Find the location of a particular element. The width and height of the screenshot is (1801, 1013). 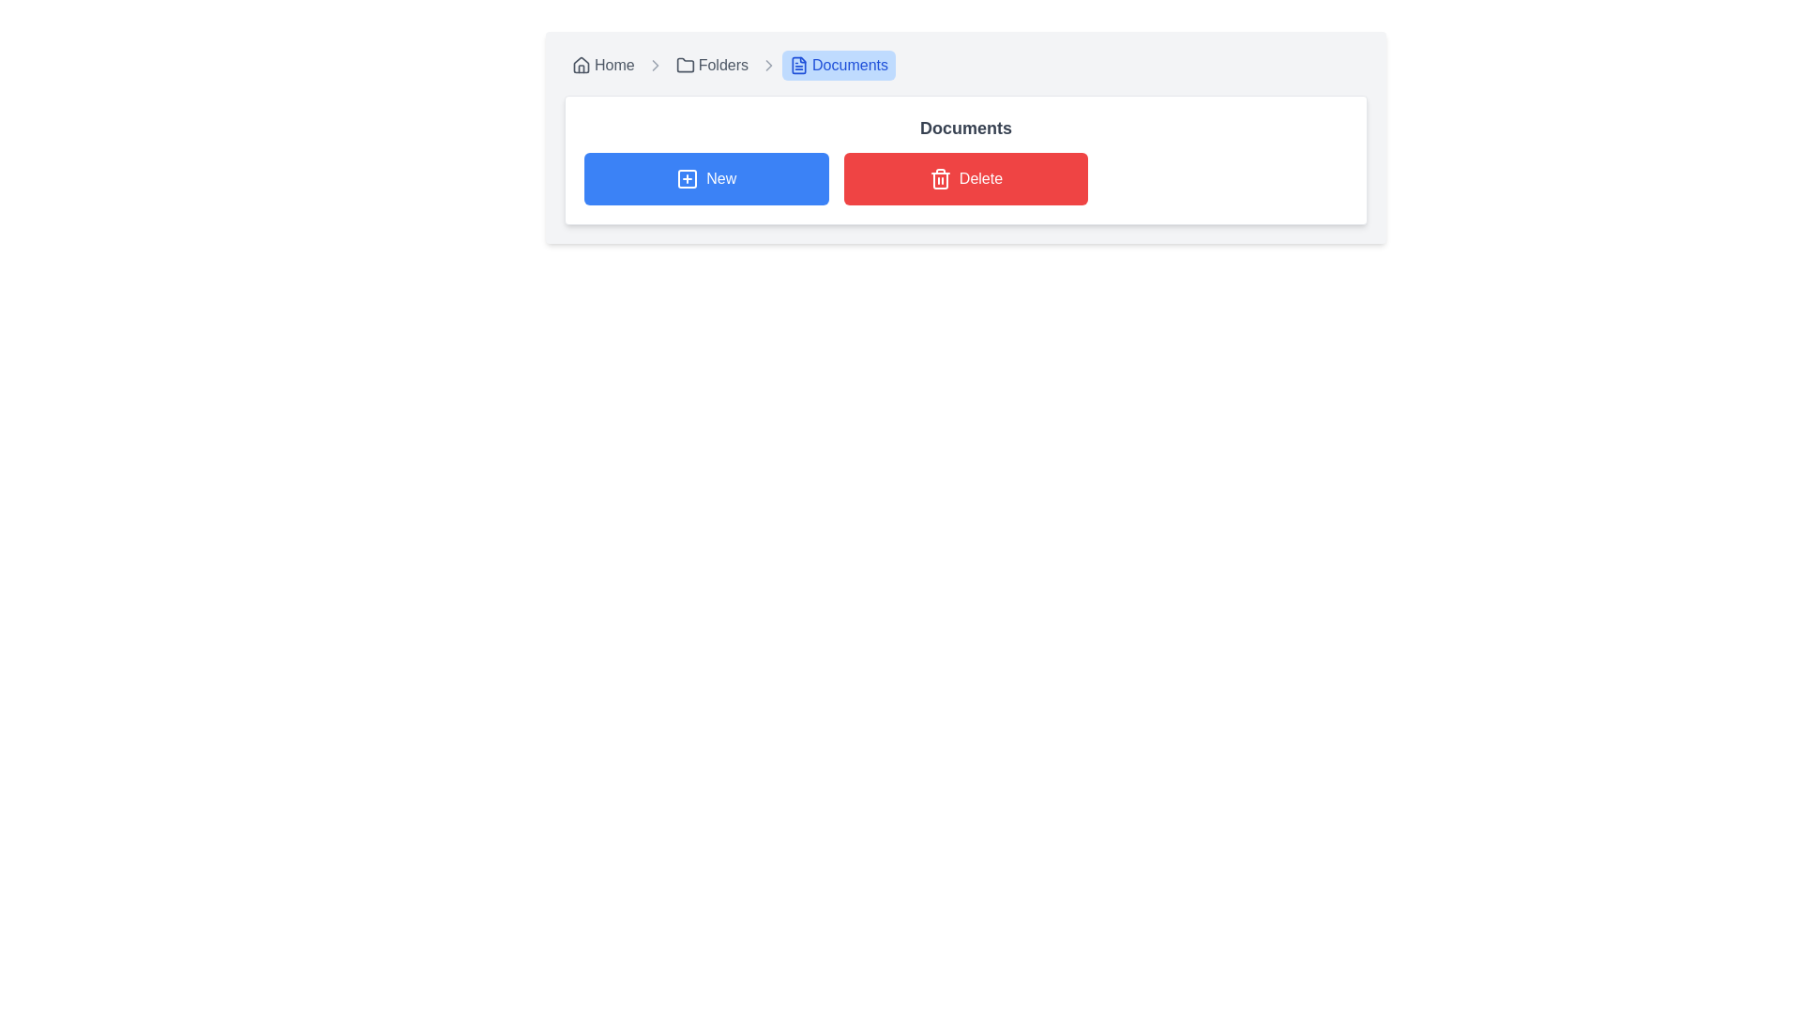

the blue 'New' button with a '+' icon is located at coordinates (705, 179).